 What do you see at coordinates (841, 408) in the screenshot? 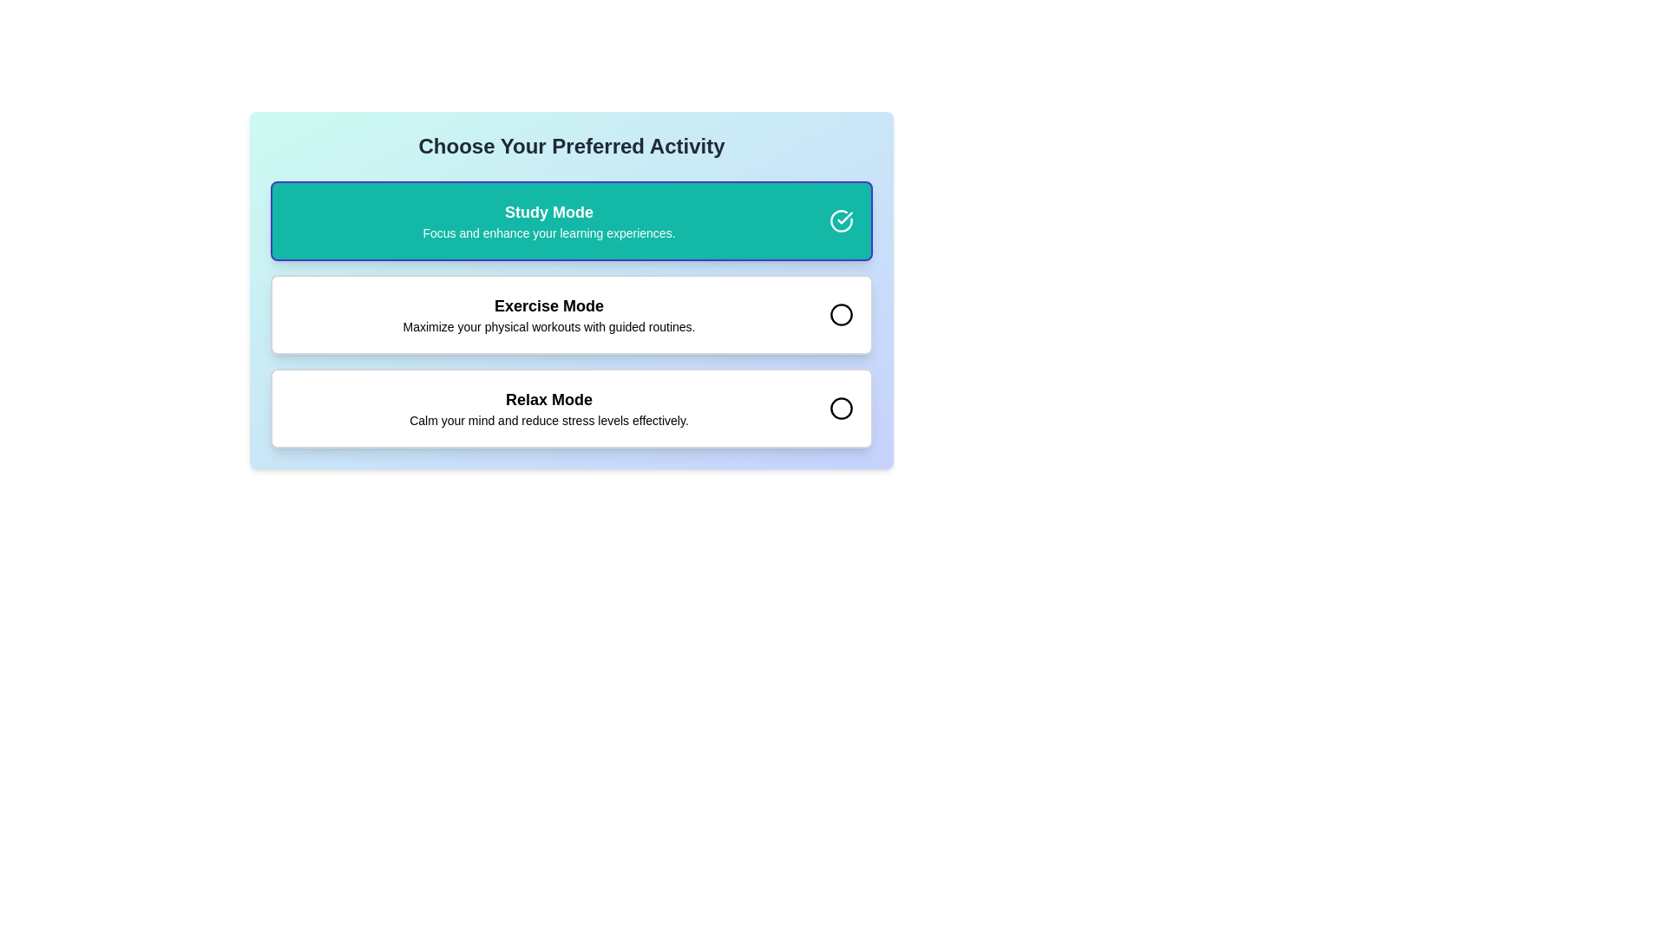
I see `the circular outline icon located to the bottom-right of the 'Relax Mode' option` at bounding box center [841, 408].